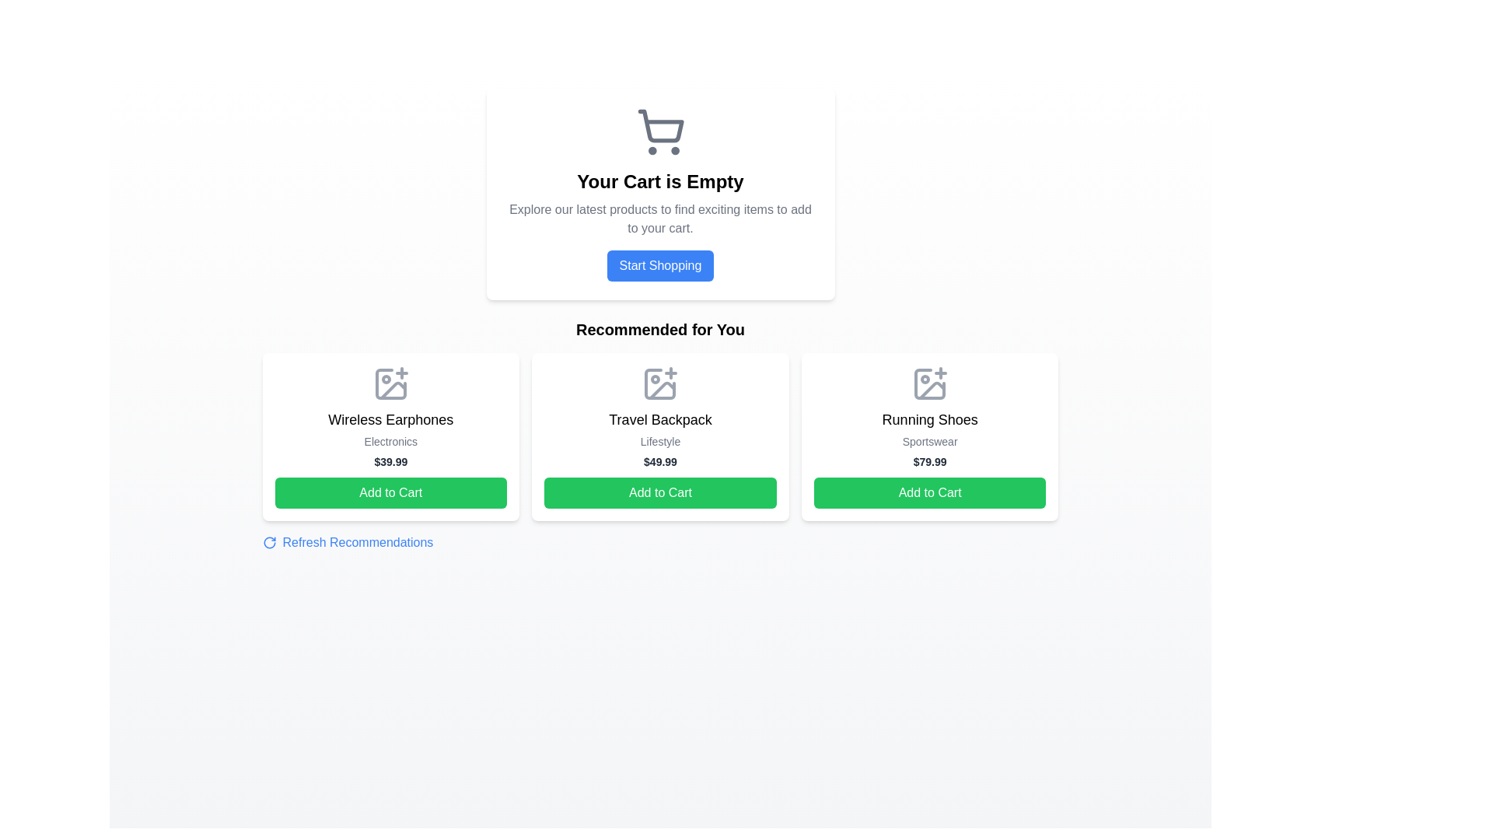 The height and width of the screenshot is (840, 1493). What do you see at coordinates (269, 542) in the screenshot?
I see `the small circular icon resembling a clockwise arrow, which is positioned to the left of the 'Refresh Recommendations' text` at bounding box center [269, 542].